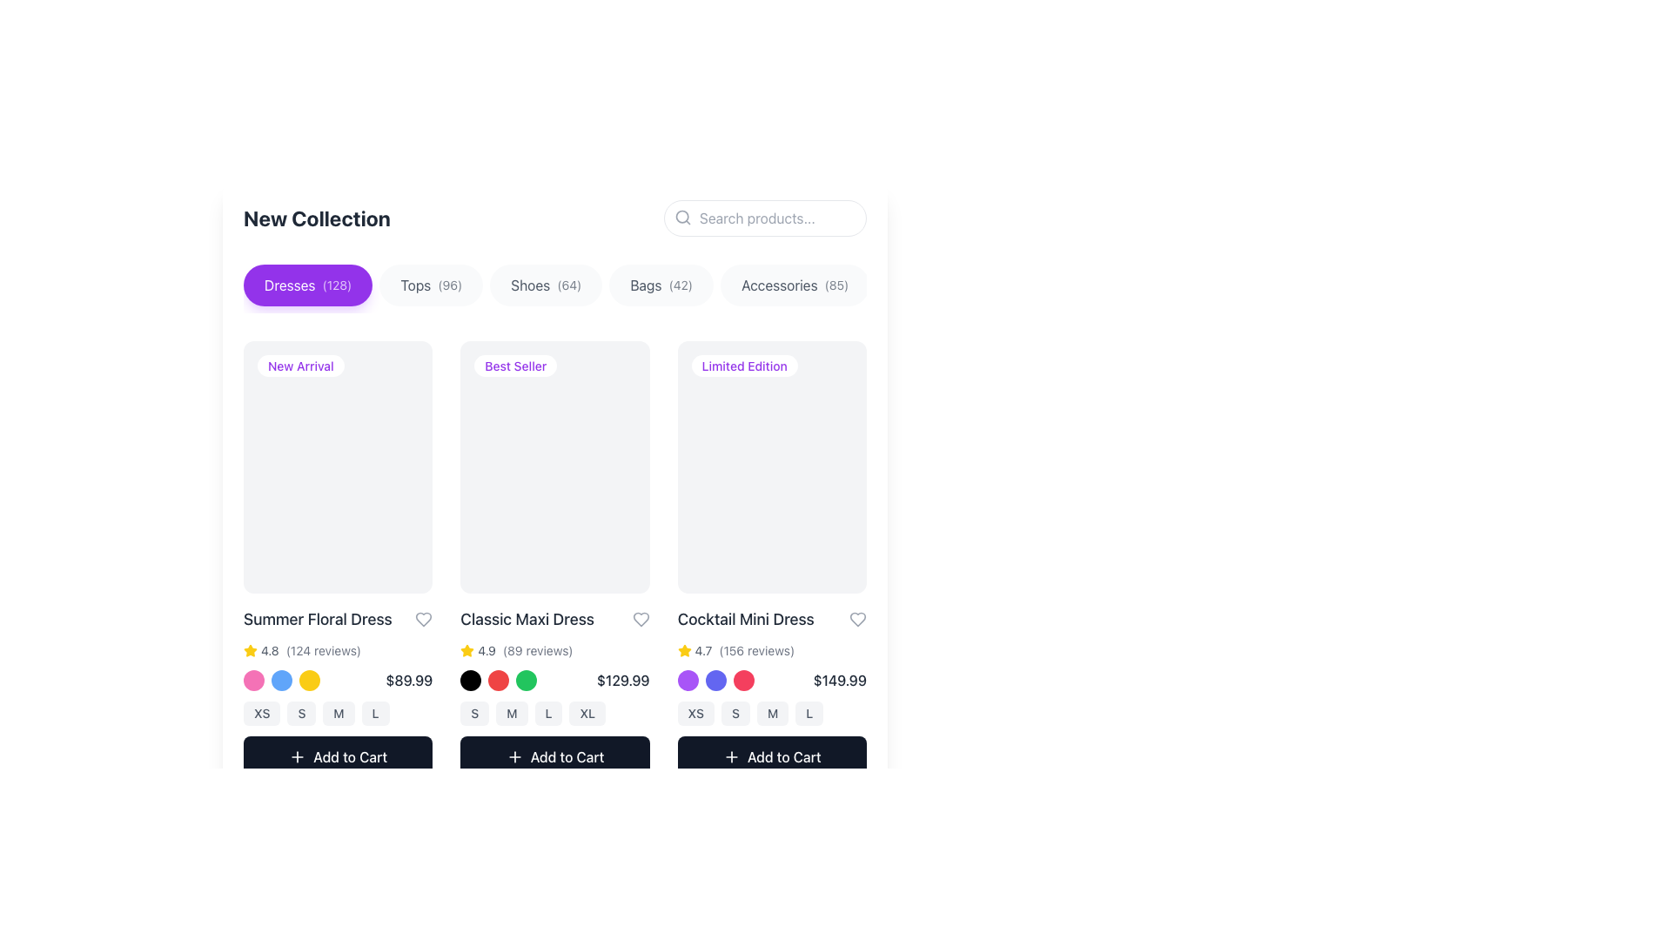 The image size is (1671, 940). What do you see at coordinates (529, 284) in the screenshot?
I see `the product category text label that serves as a filter tab for the display, located centrally in the horizontal row of category tabs under the 'New Collection' header` at bounding box center [529, 284].